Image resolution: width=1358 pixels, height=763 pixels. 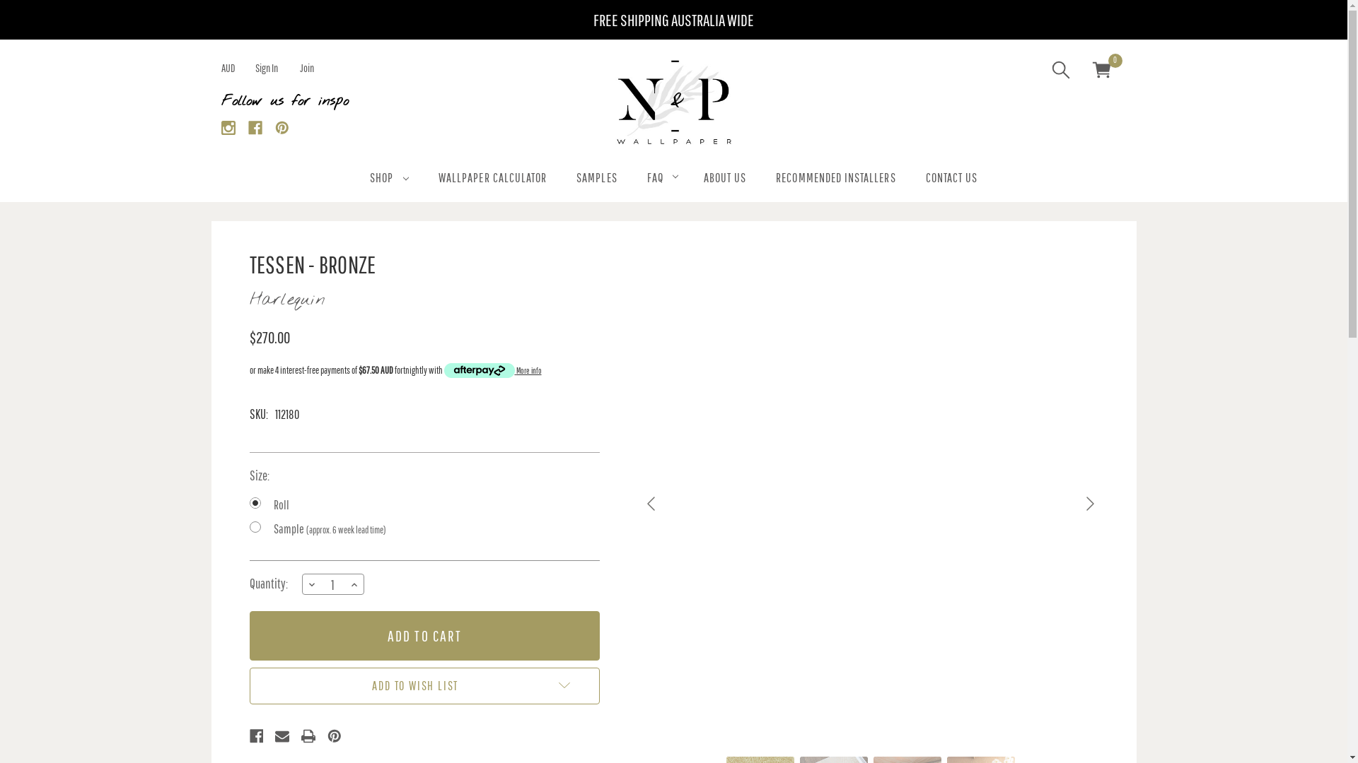 What do you see at coordinates (492, 179) in the screenshot?
I see `'WALLPAPER CALCULATOR'` at bounding box center [492, 179].